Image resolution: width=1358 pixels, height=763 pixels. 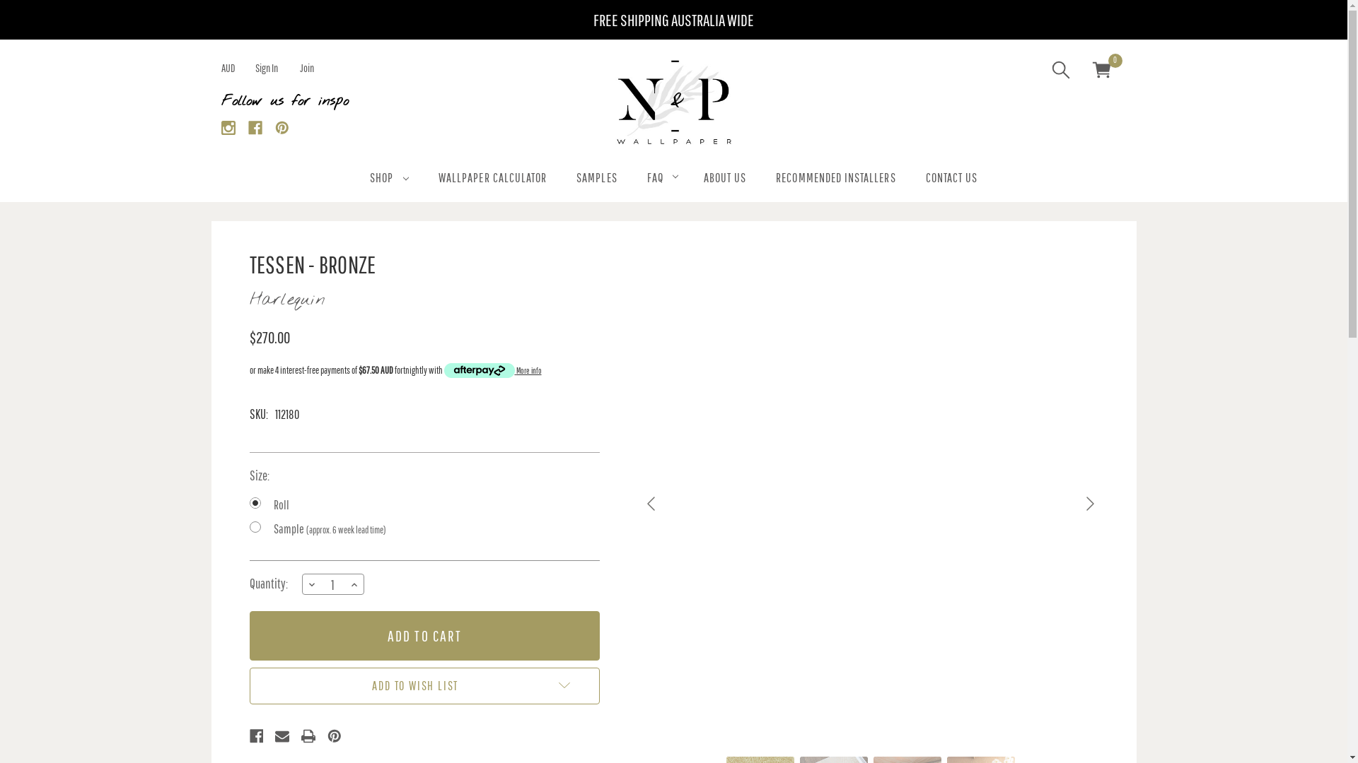 What do you see at coordinates (492, 179) in the screenshot?
I see `'WALLPAPER CALCULATOR'` at bounding box center [492, 179].